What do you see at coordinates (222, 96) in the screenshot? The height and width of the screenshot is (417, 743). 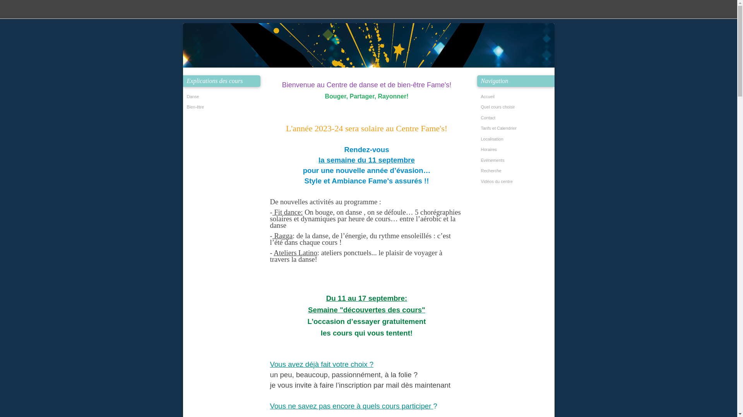 I see `'Danse'` at bounding box center [222, 96].